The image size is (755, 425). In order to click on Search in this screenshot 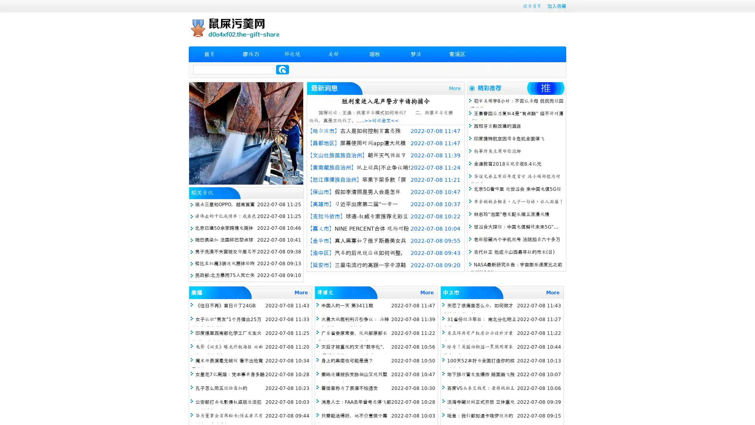, I will do `click(282, 69)`.